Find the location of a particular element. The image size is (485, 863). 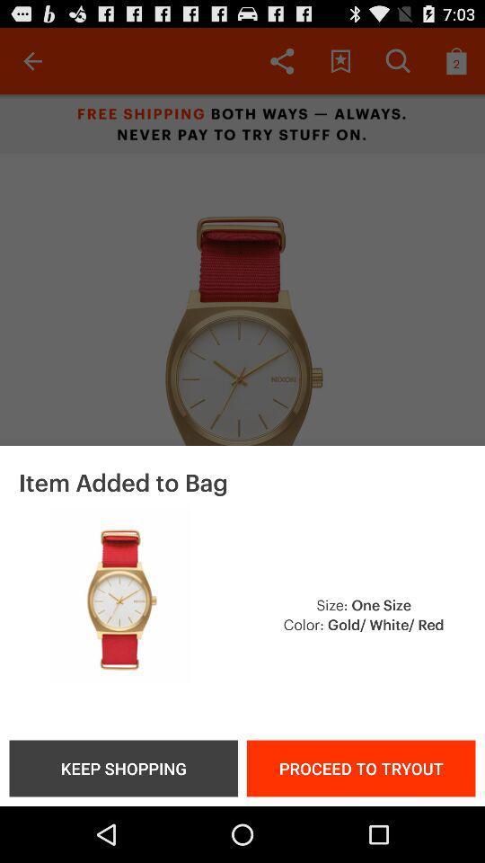

item next to the keep shopping is located at coordinates (361, 767).